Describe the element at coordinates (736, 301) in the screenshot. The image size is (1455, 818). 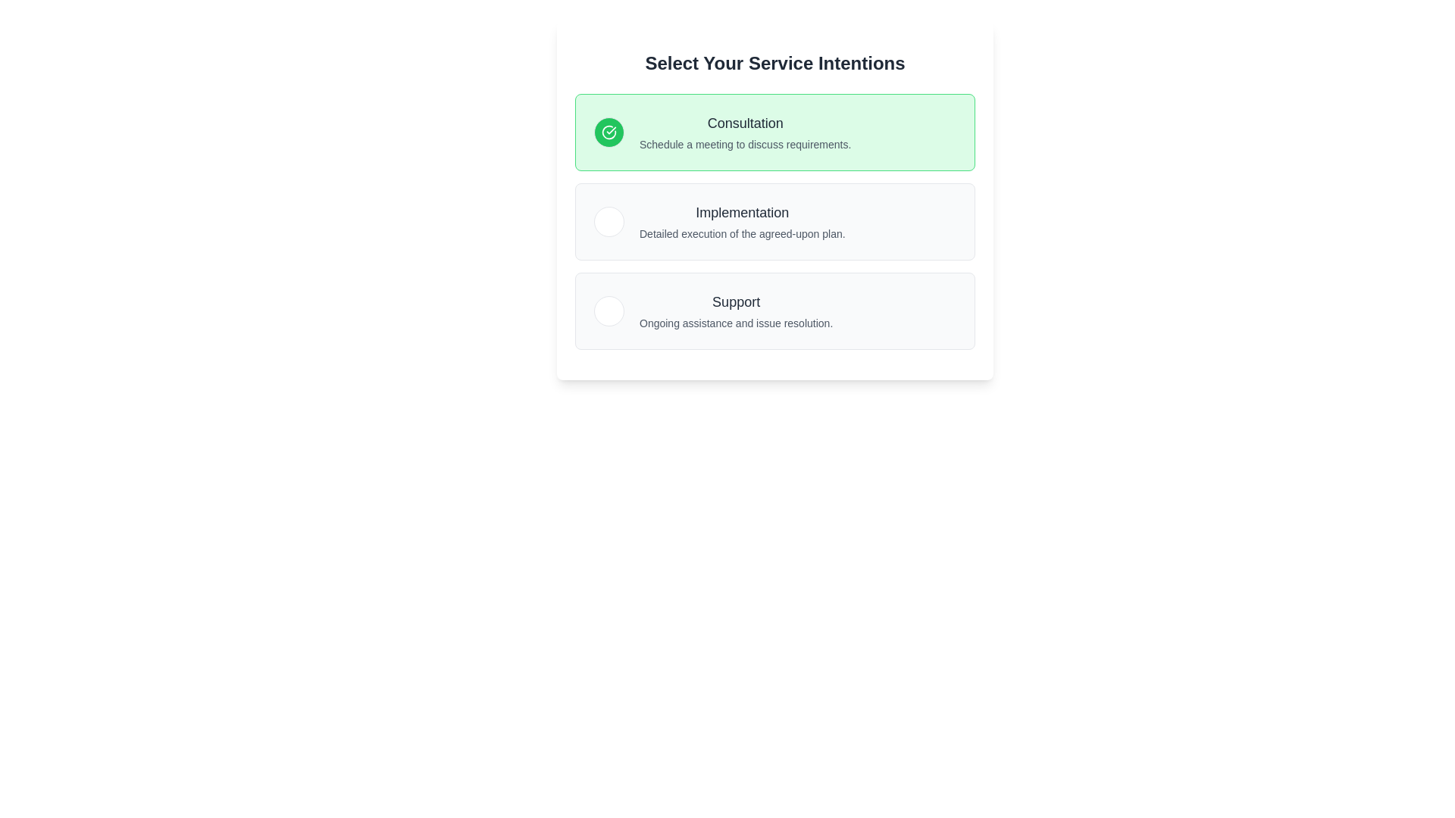
I see `the 'Support' text label, which indicates the section for assistance-related services in the list under 'Select Your Service Intentions'` at that location.